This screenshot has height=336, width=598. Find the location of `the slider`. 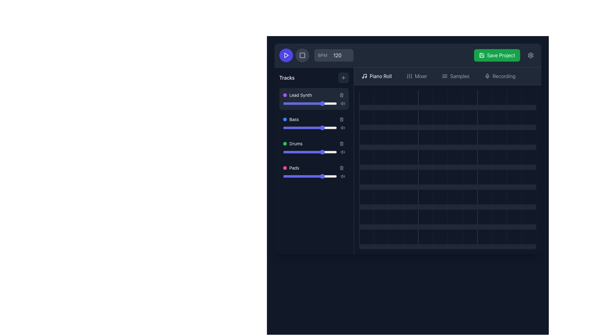

the slider is located at coordinates (294, 176).